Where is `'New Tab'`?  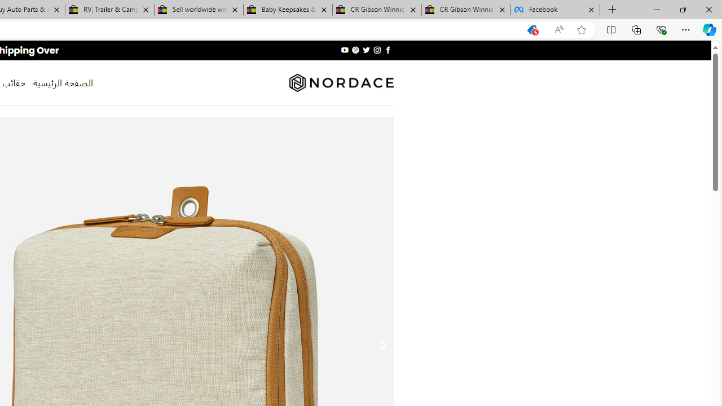 'New Tab' is located at coordinates (612, 10).